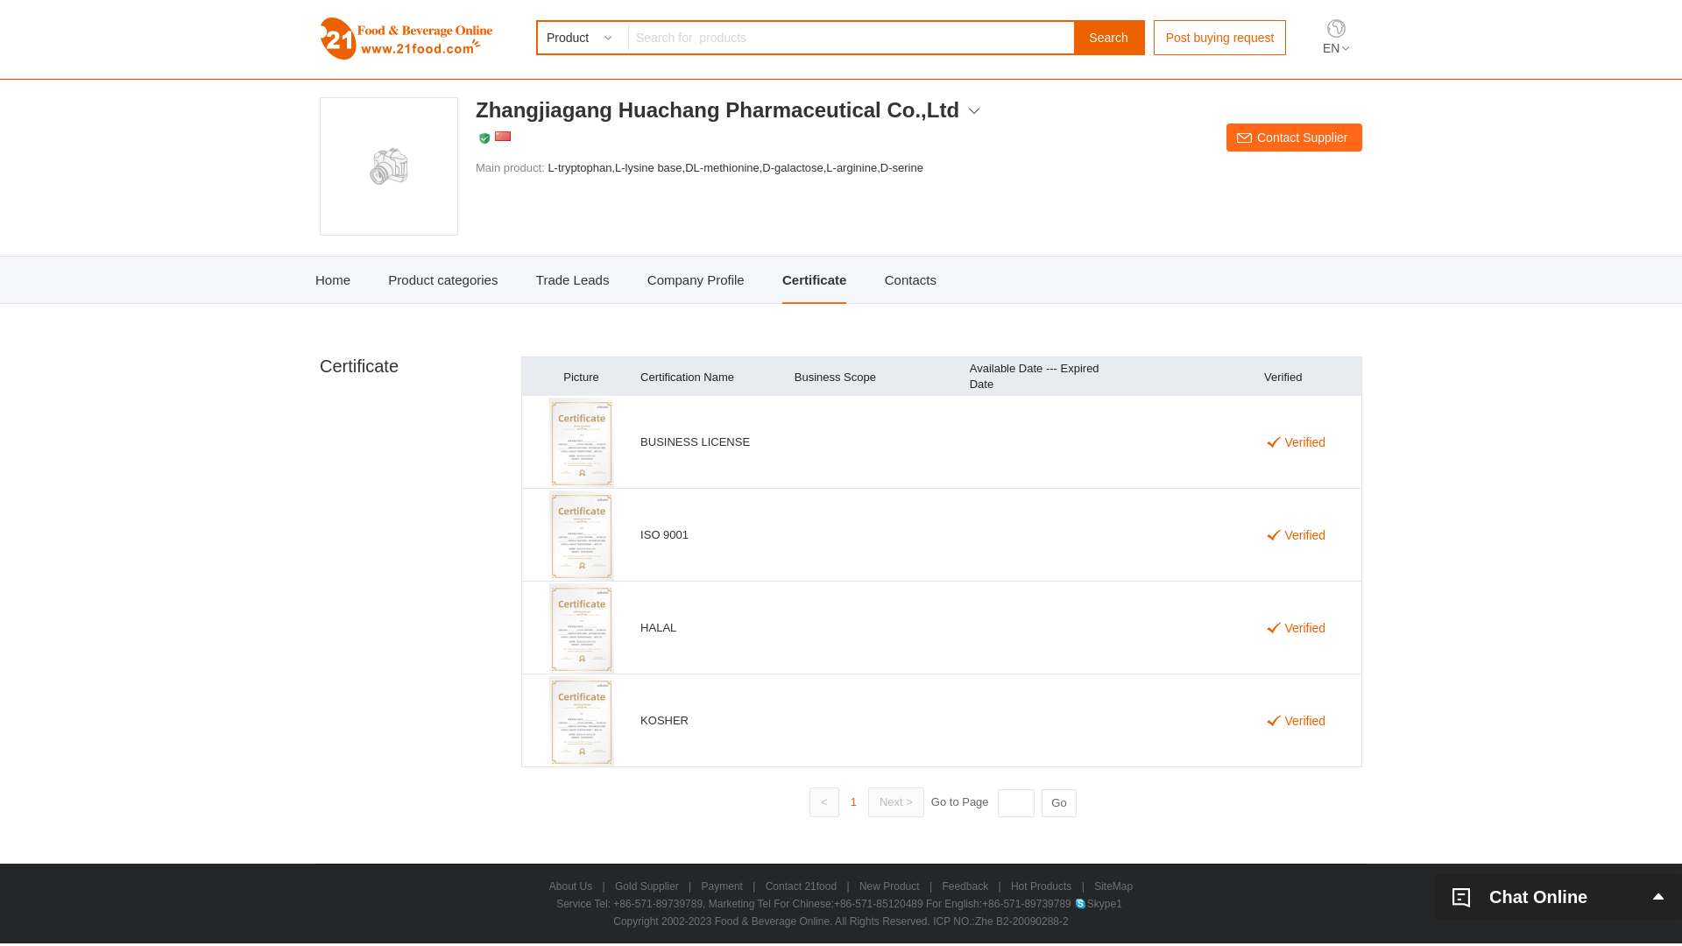 The image size is (1682, 946). I want to click on 'Company Profile', so click(695, 279).